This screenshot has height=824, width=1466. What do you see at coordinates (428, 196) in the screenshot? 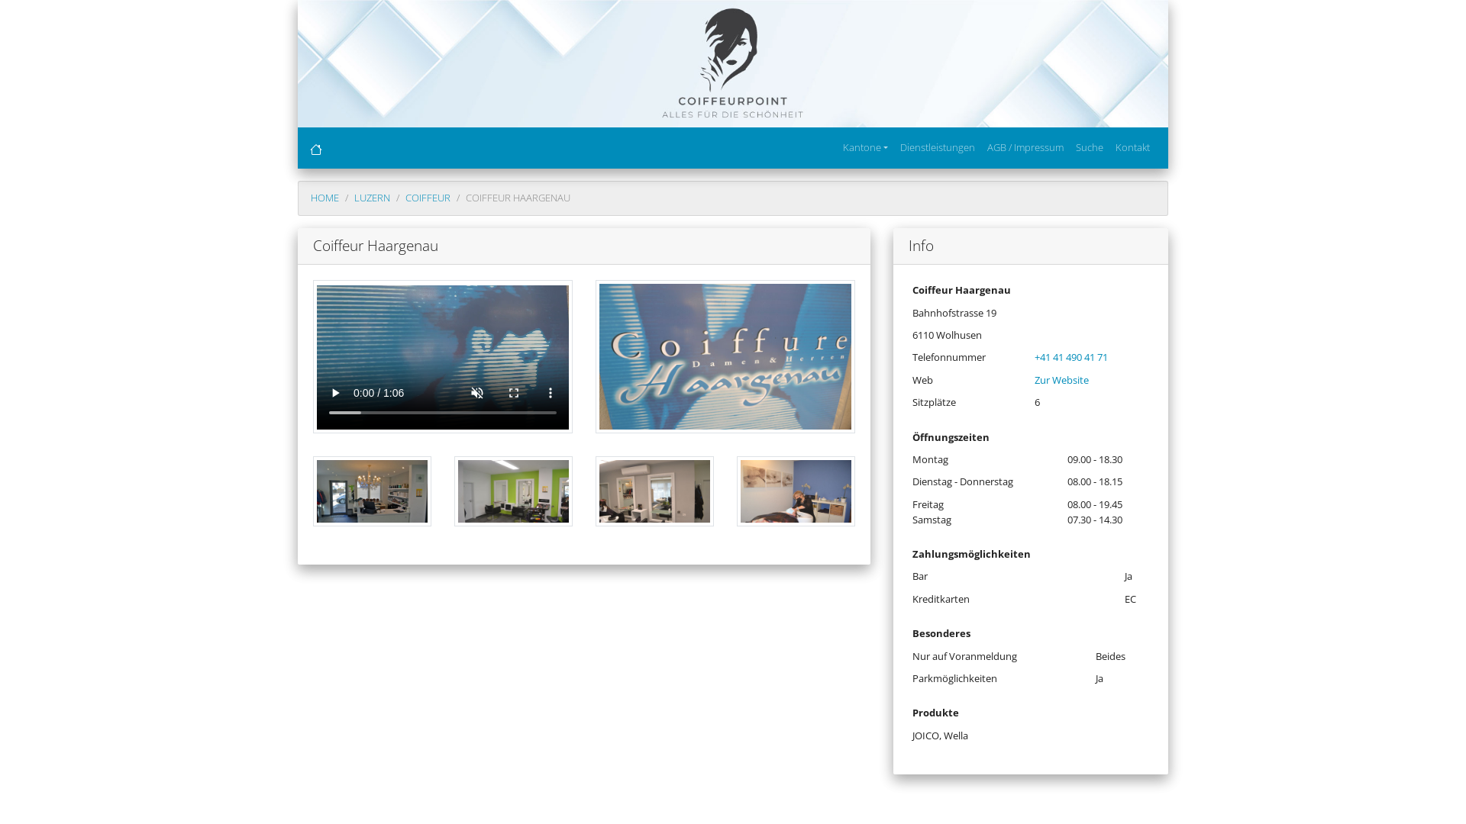
I see `'COIFFEUR'` at bounding box center [428, 196].